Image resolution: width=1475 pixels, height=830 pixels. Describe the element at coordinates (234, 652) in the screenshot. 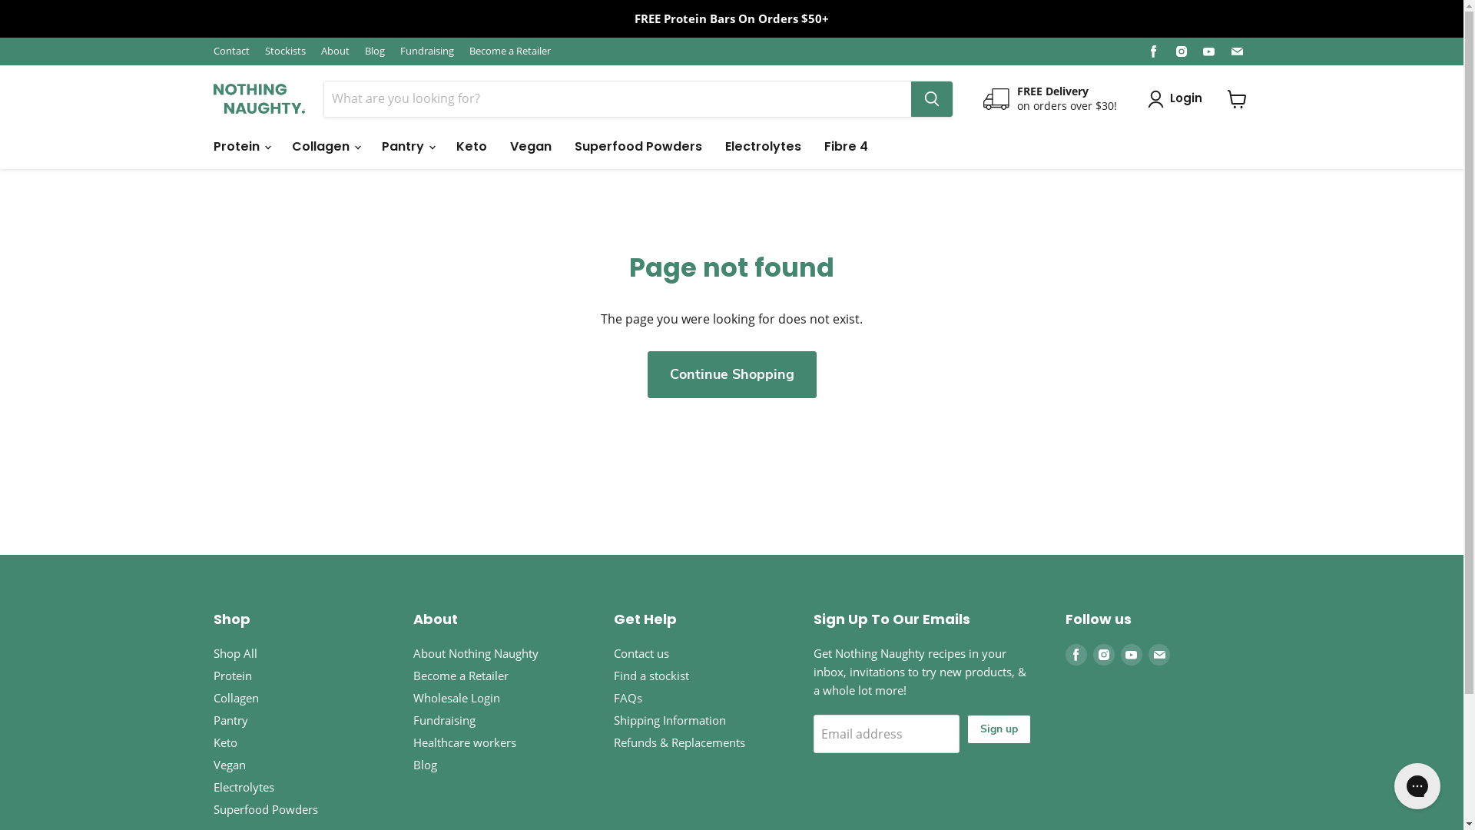

I see `'Shop All'` at that location.